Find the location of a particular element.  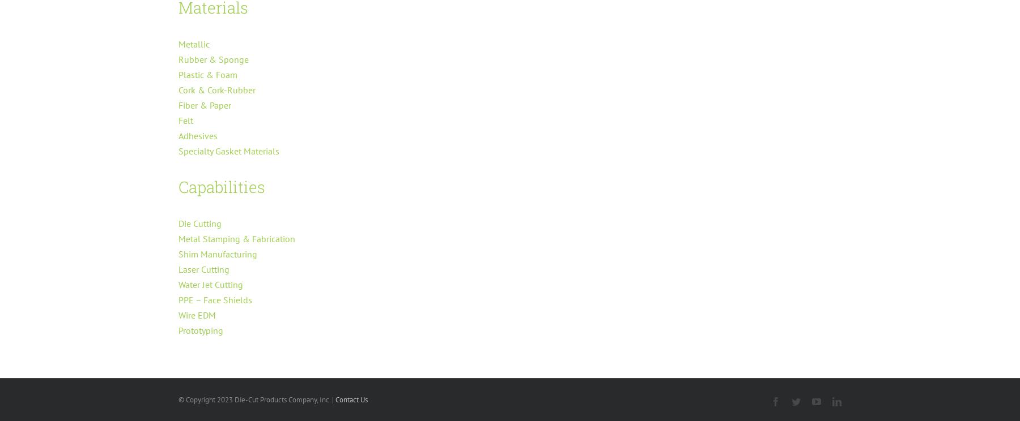

'PPE – Face Shields' is located at coordinates (215, 298).